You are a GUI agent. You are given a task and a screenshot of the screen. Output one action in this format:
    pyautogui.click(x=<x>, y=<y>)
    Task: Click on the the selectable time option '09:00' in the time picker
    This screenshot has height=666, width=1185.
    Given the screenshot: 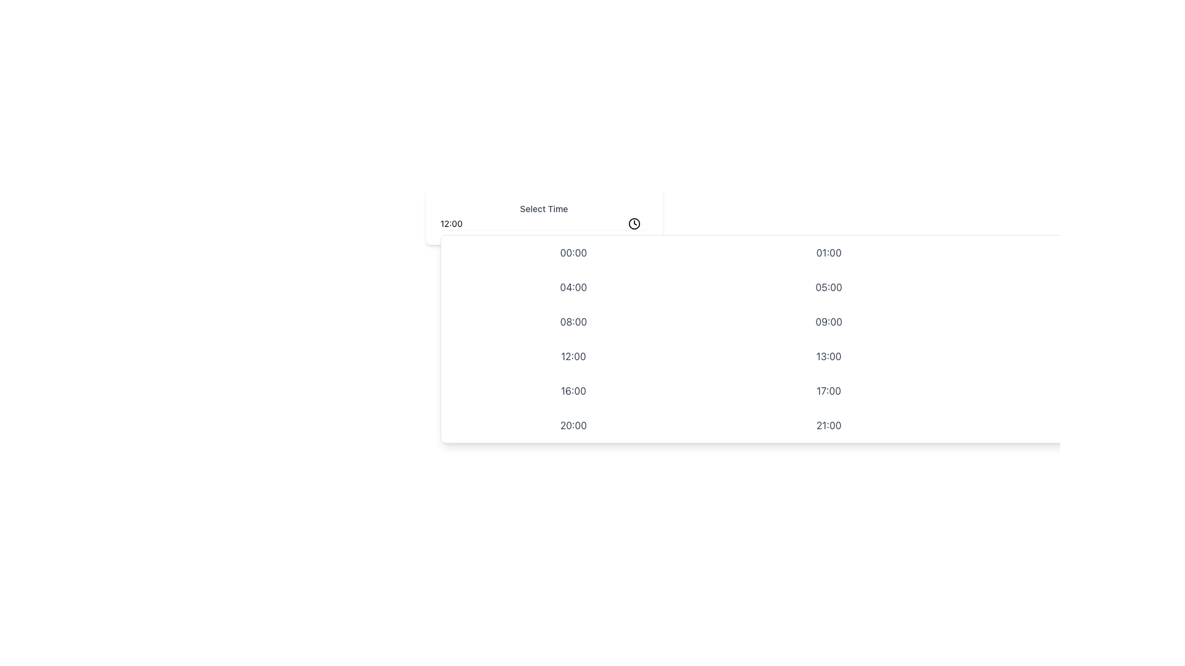 What is the action you would take?
    pyautogui.click(x=829, y=321)
    